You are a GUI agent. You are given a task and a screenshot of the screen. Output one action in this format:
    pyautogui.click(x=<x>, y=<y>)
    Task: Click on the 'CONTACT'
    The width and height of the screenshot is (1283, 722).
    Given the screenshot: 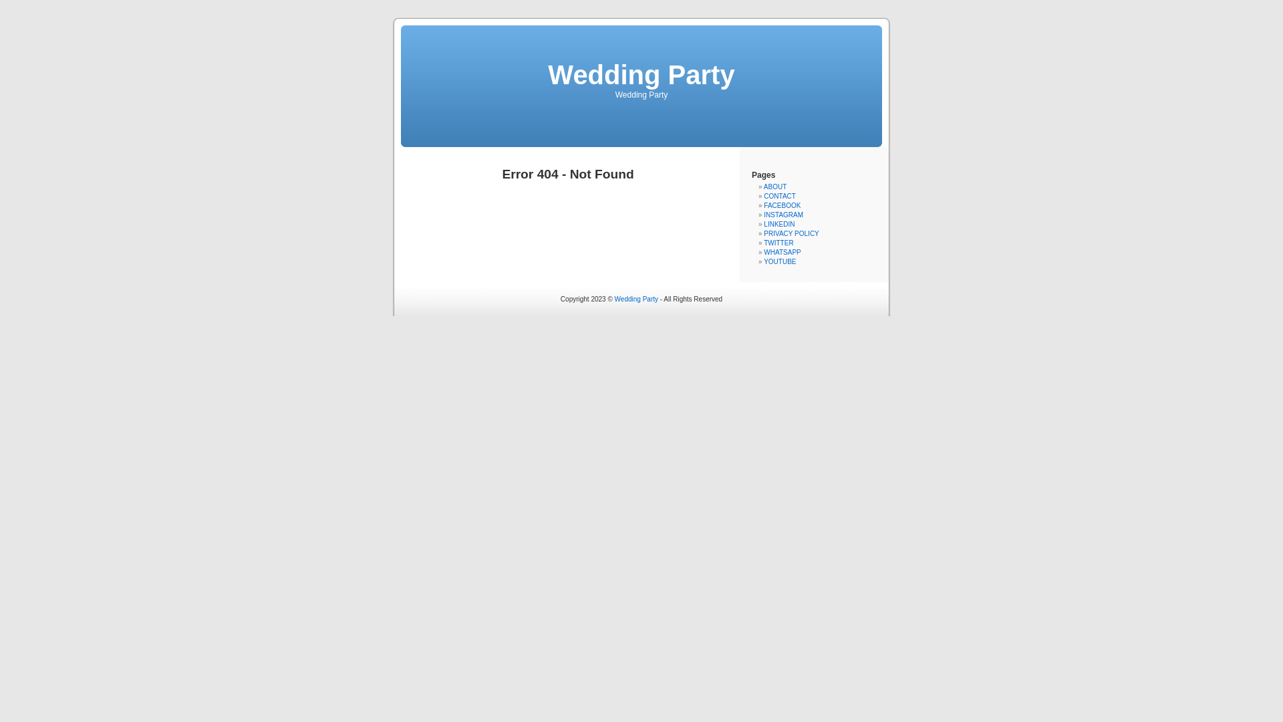 What is the action you would take?
    pyautogui.click(x=779, y=196)
    